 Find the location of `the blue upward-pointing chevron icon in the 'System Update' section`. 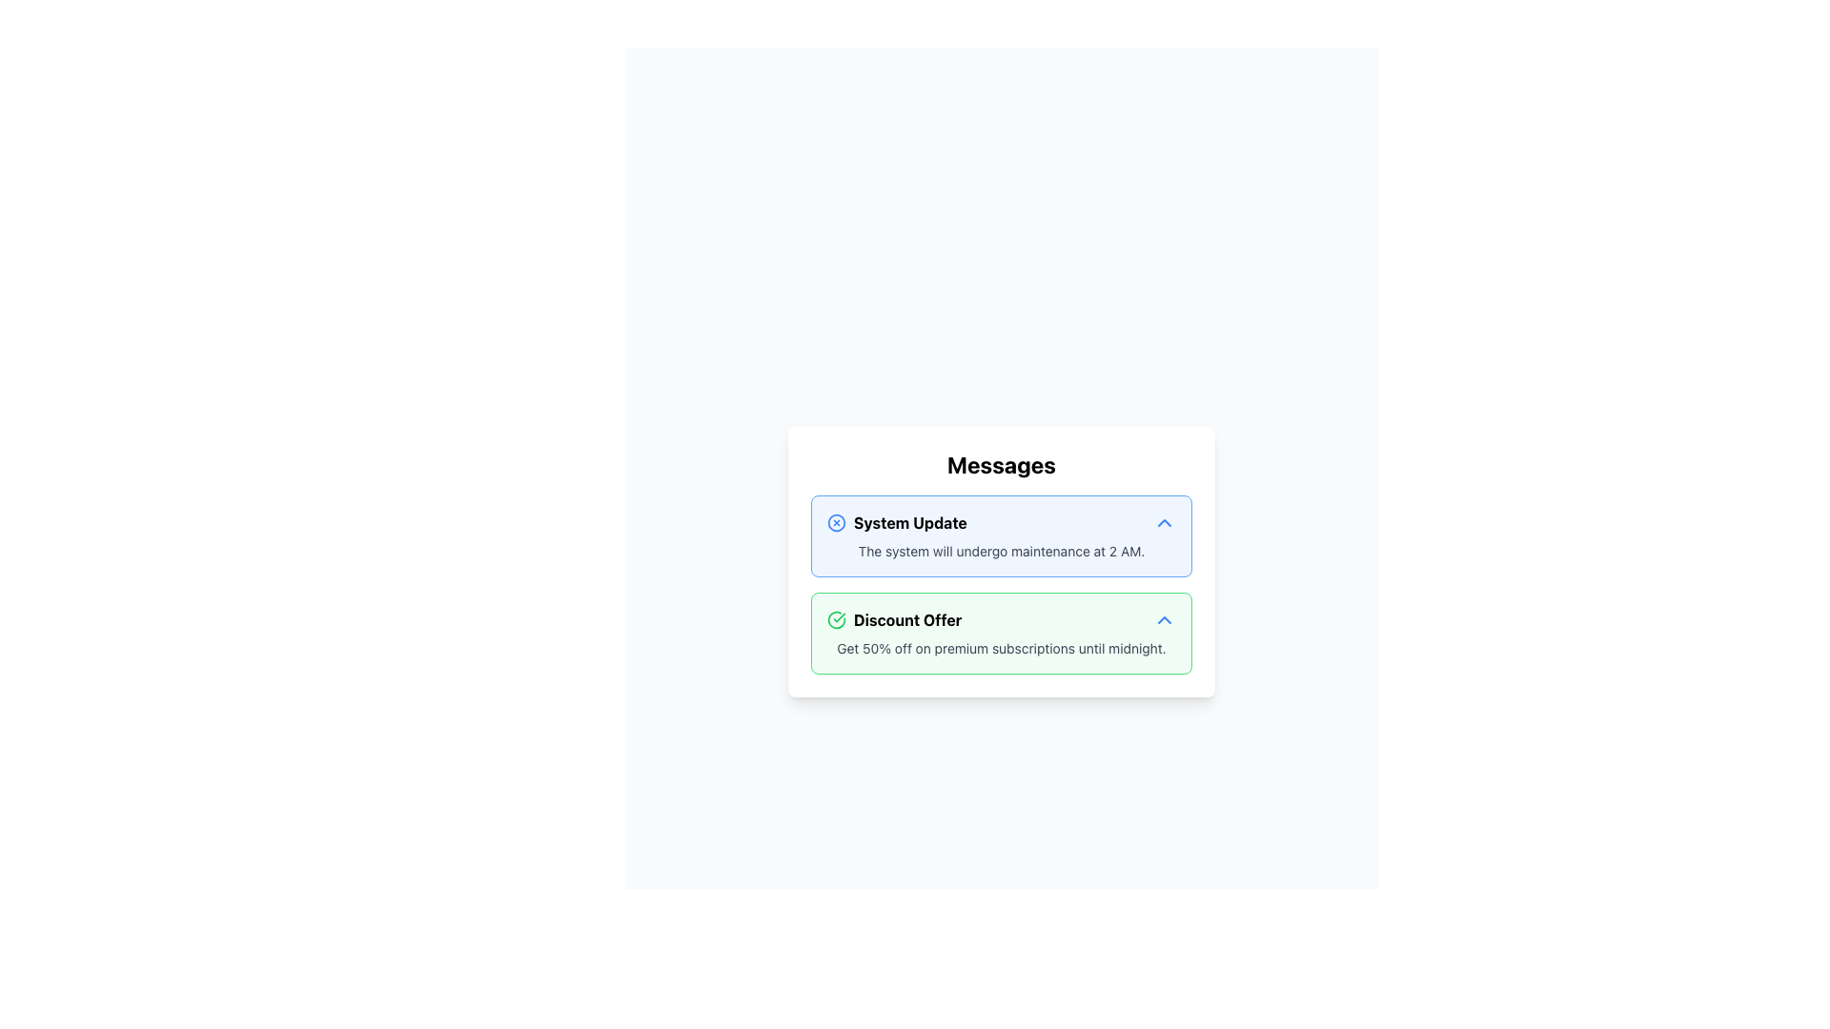

the blue upward-pointing chevron icon in the 'System Update' section is located at coordinates (1164, 522).